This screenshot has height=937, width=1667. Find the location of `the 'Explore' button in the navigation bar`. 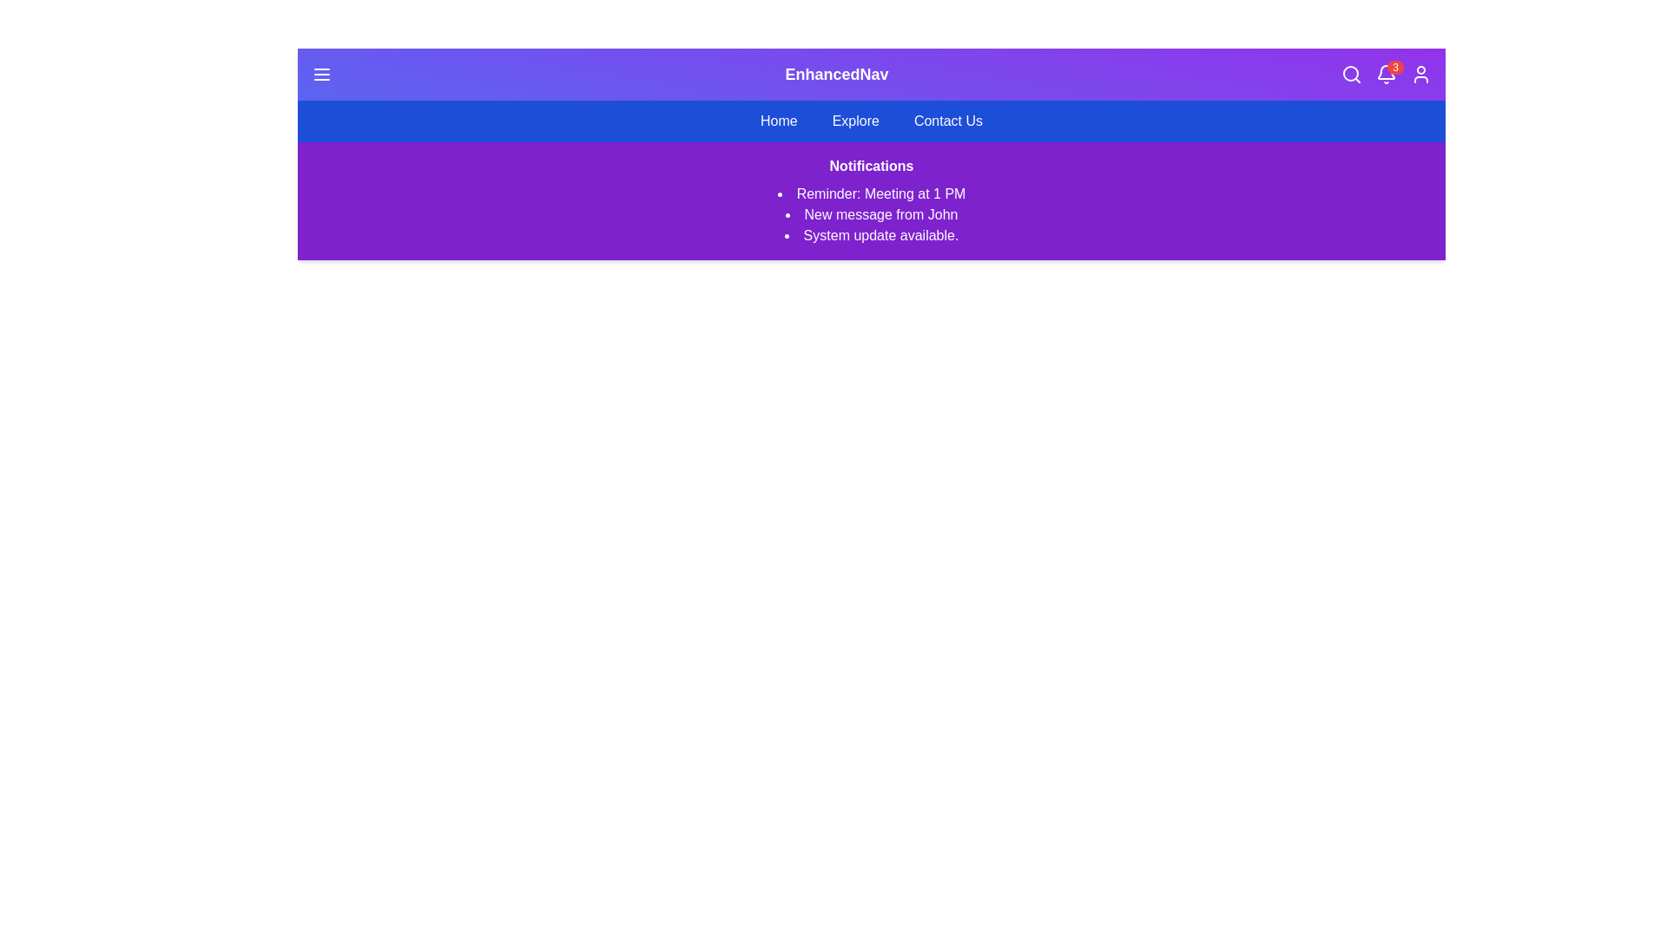

the 'Explore' button in the navigation bar is located at coordinates (855, 120).